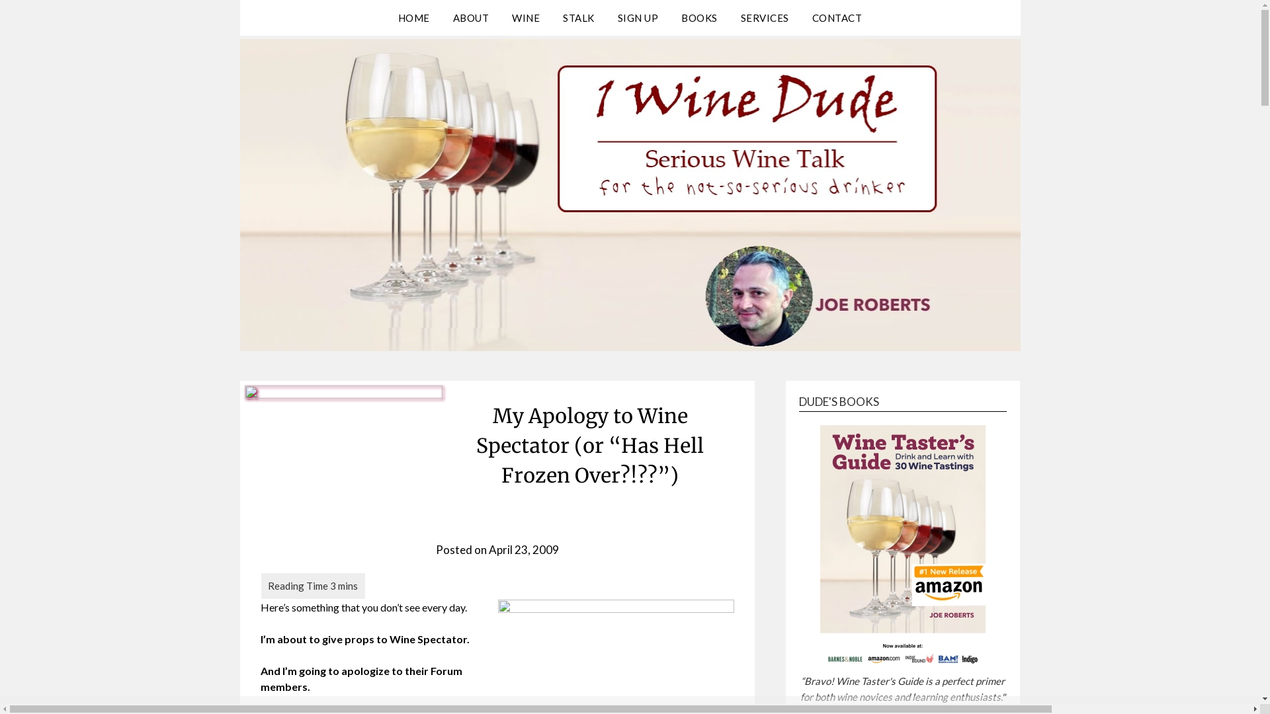 The image size is (1270, 714). I want to click on 'STALK', so click(578, 18).